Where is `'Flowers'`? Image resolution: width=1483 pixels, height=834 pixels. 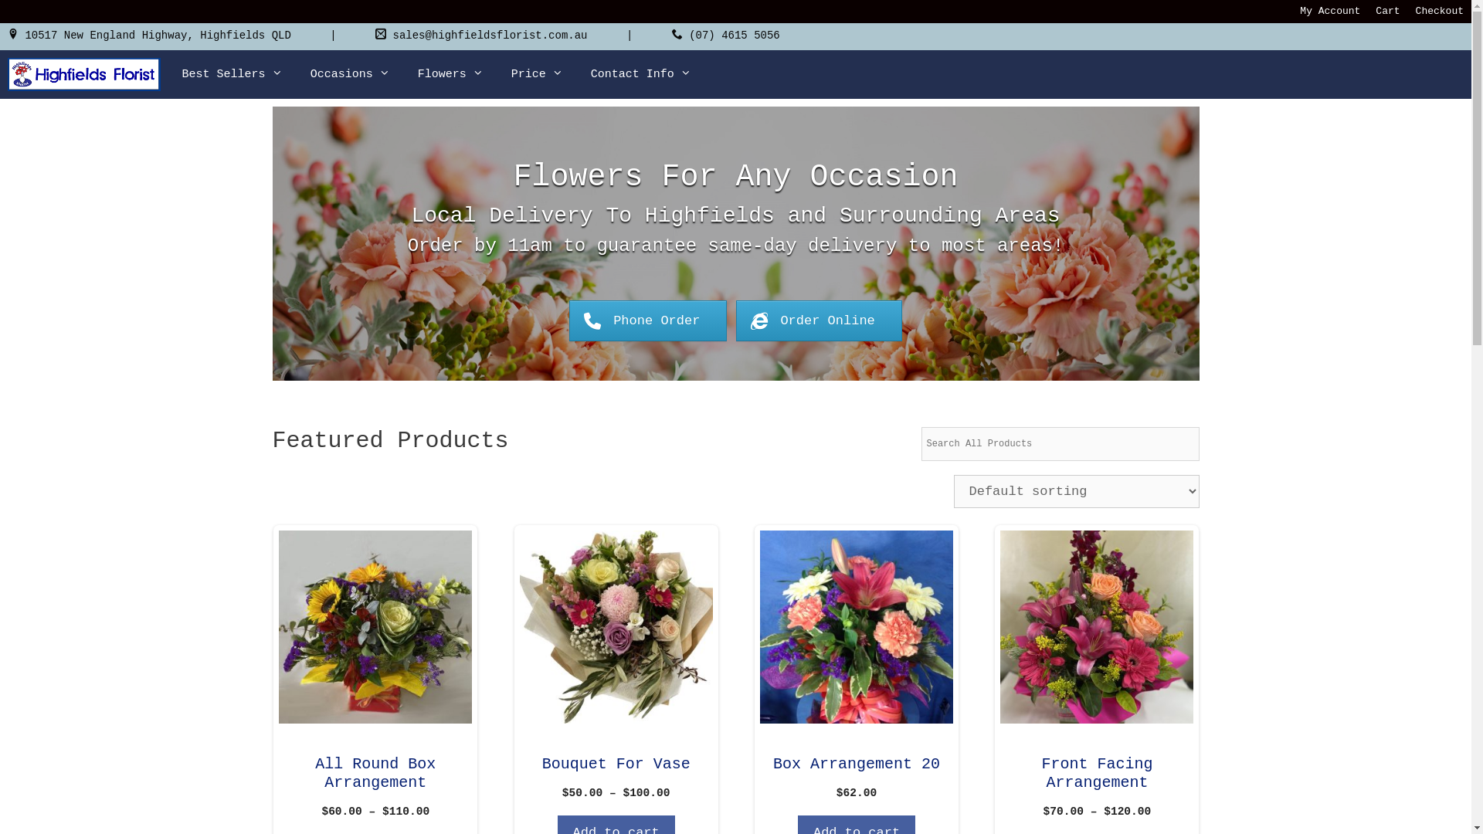
'Flowers' is located at coordinates (450, 73).